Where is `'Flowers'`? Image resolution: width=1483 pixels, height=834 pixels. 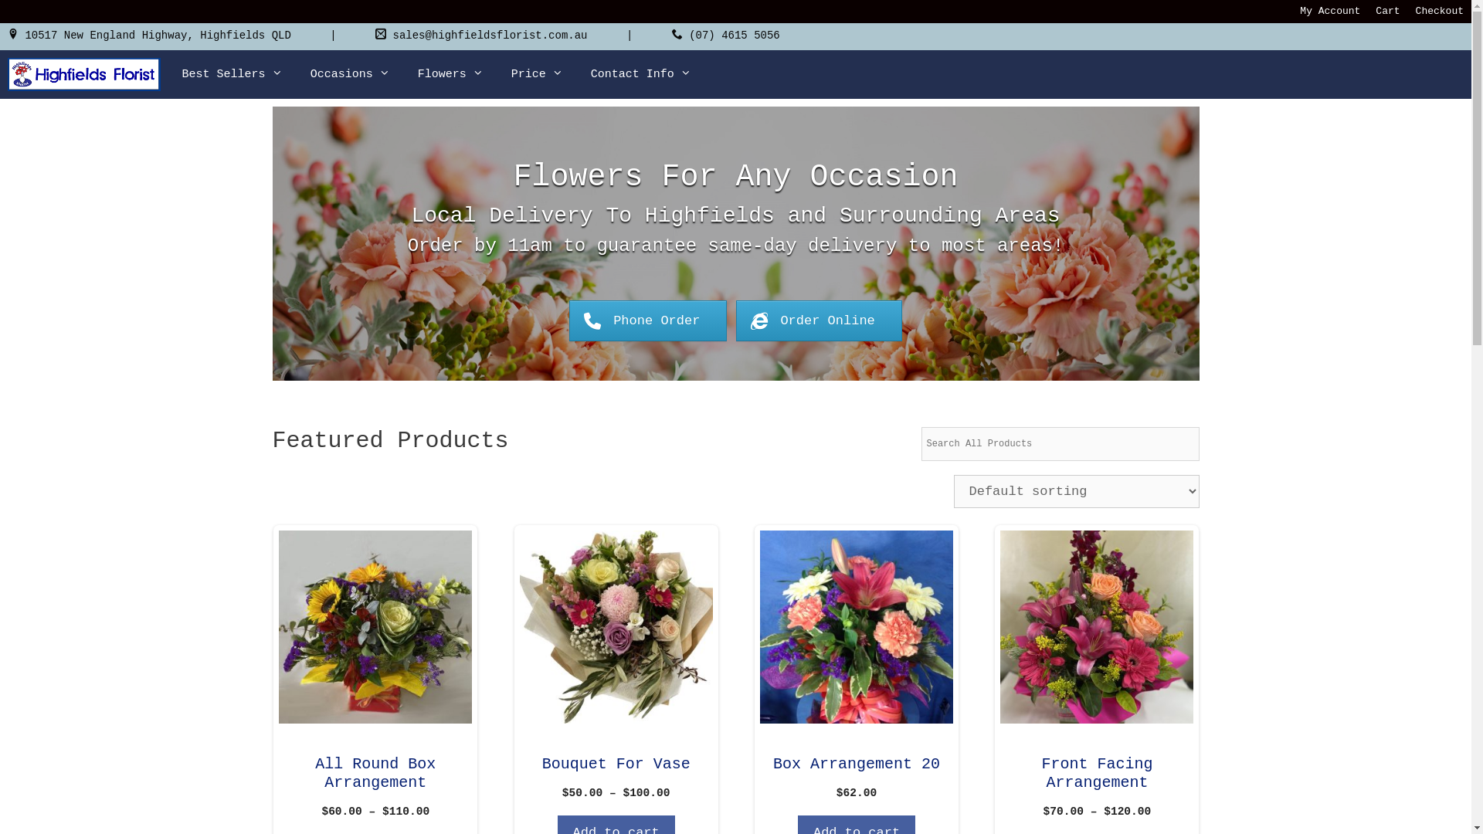
'Flowers' is located at coordinates (450, 73).